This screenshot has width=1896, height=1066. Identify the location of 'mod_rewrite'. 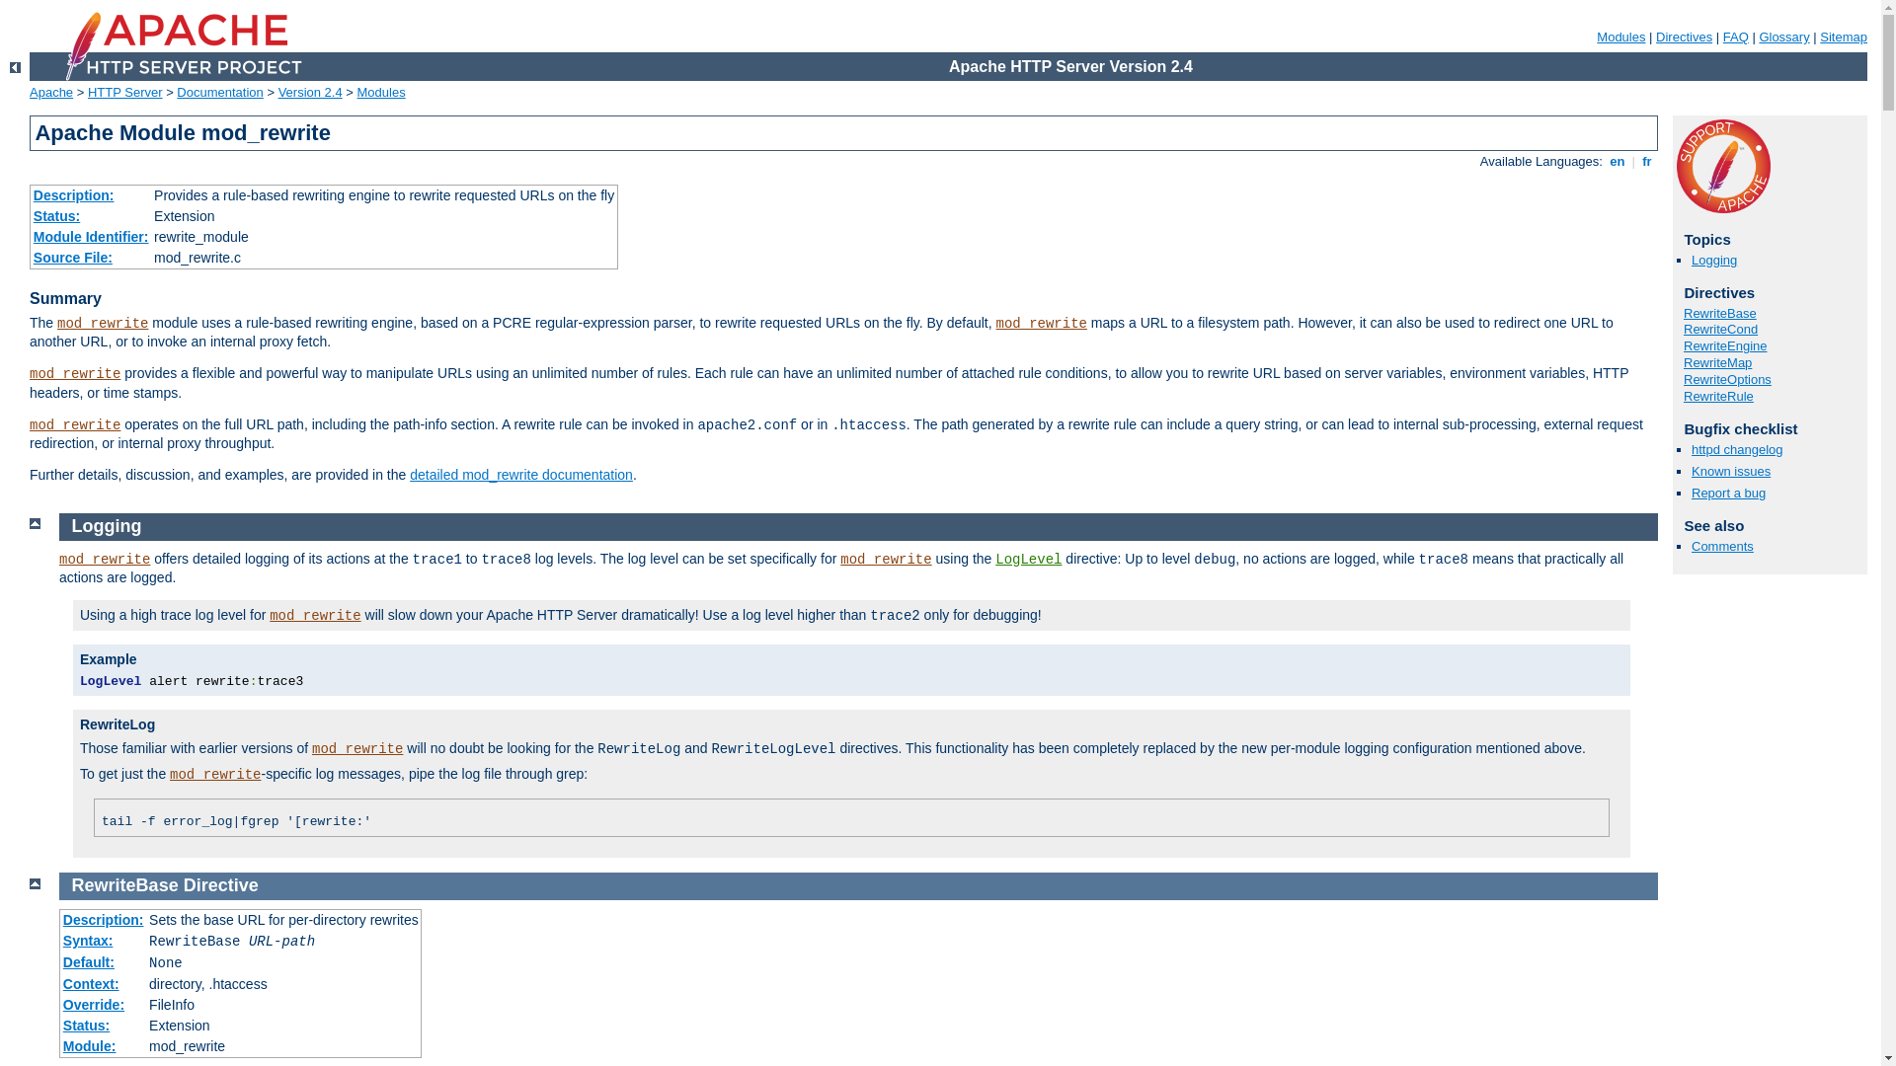
(356, 749).